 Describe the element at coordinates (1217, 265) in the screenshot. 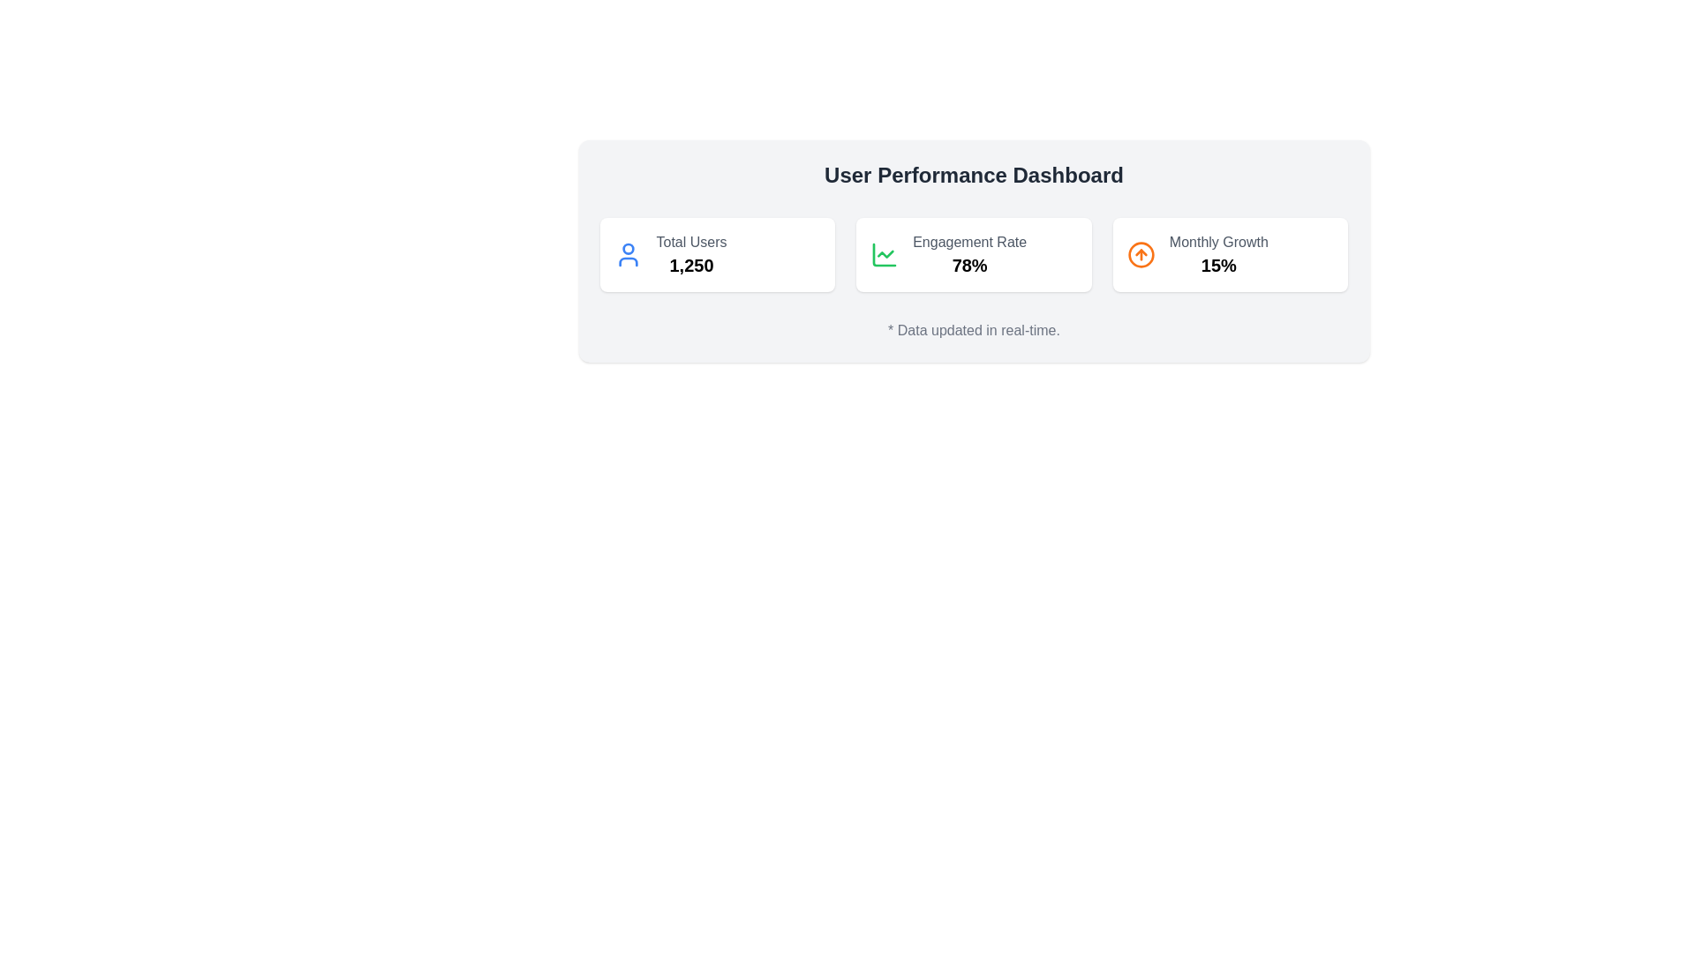

I see `the text element displaying '15%' which is styled with a large and bold font, located beneath the 'Monthly Growth' text in the third column of a three-column grid` at that location.